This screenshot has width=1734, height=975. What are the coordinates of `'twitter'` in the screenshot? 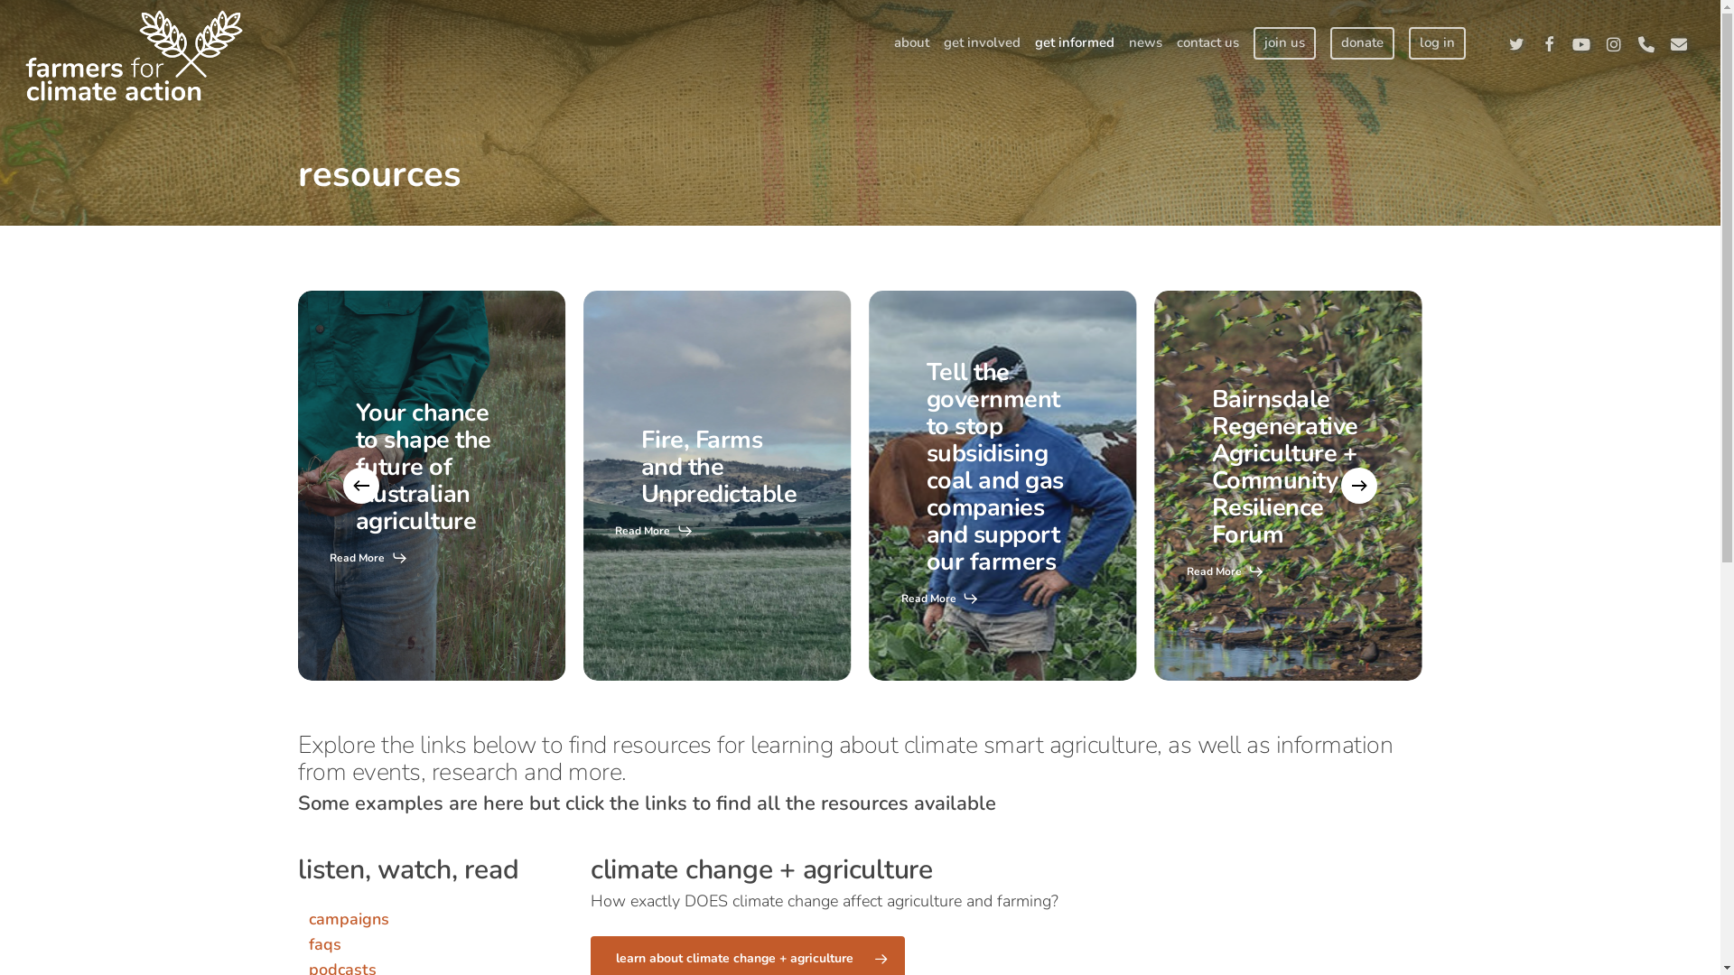 It's located at (1516, 42).